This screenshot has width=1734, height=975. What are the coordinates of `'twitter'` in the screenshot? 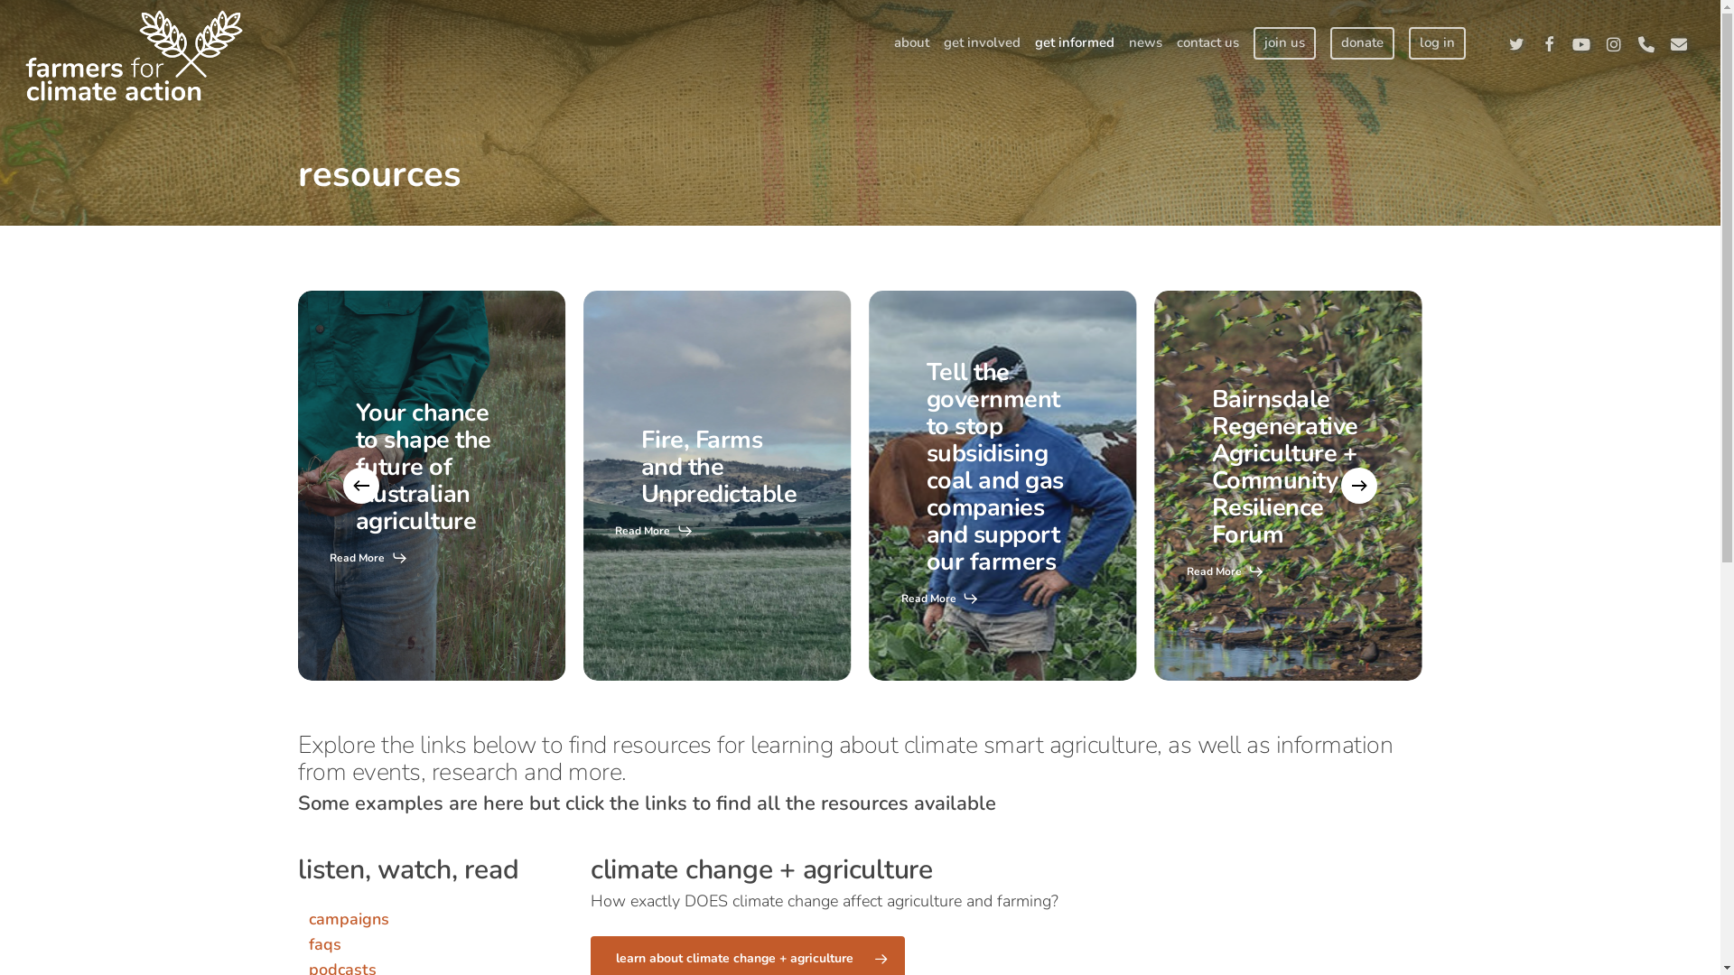 It's located at (1516, 42).